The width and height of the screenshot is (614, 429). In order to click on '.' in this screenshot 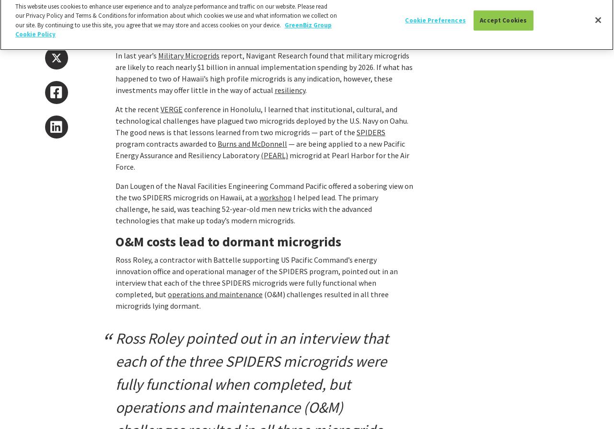, I will do `click(305, 90)`.